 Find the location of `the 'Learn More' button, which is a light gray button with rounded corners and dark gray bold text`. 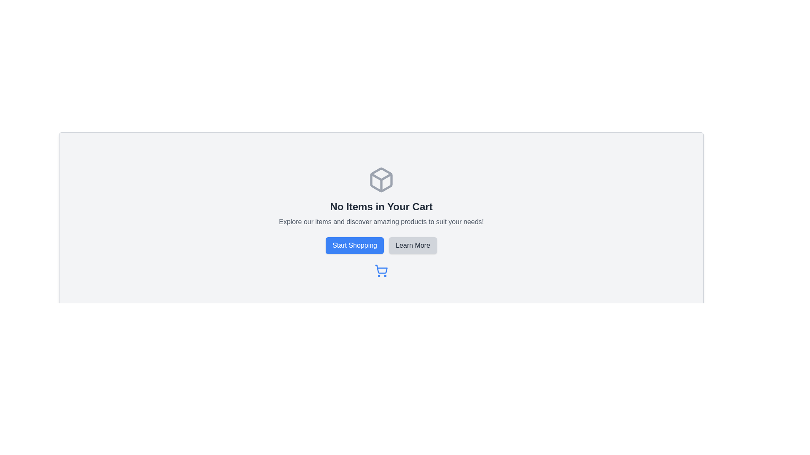

the 'Learn More' button, which is a light gray button with rounded corners and dark gray bold text is located at coordinates (413, 245).